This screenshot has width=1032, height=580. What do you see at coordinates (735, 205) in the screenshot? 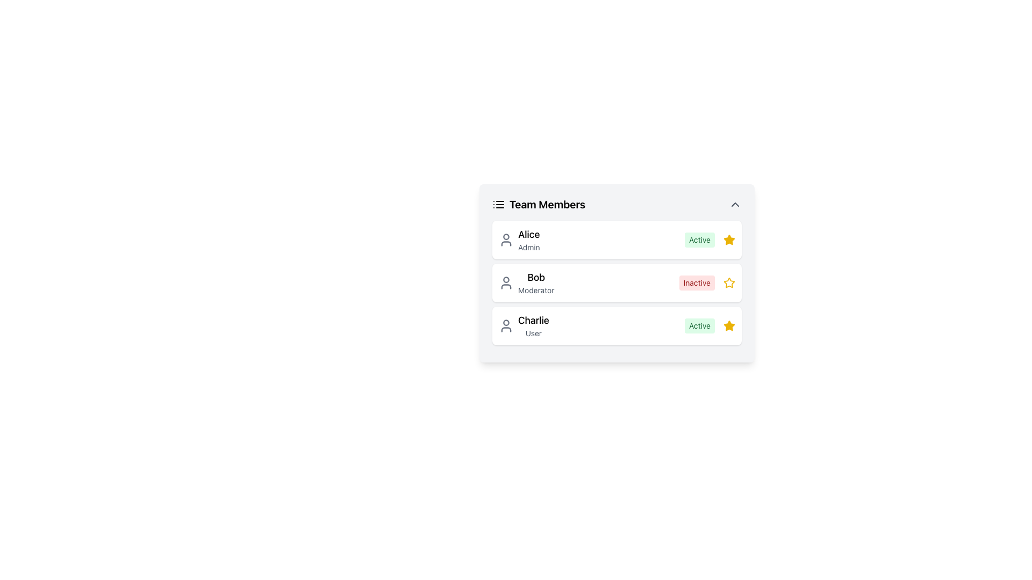
I see `the upward-pointing chevron icon styled in gray located at the top-right corner of the 'Team Members' panel` at bounding box center [735, 205].